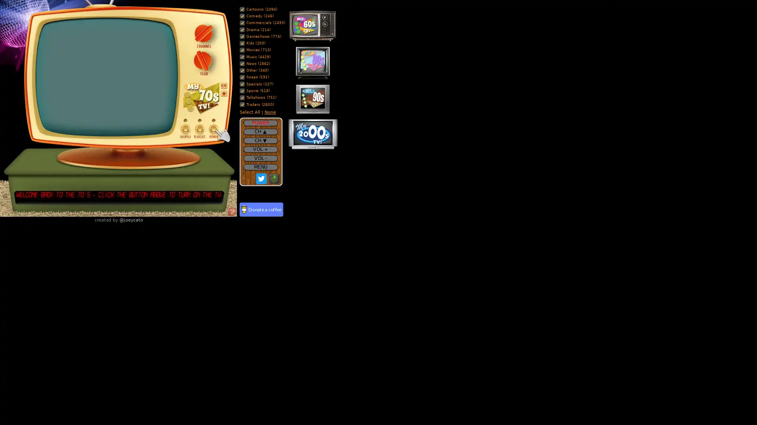  Describe the element at coordinates (261, 140) in the screenshot. I see `CH` at that location.